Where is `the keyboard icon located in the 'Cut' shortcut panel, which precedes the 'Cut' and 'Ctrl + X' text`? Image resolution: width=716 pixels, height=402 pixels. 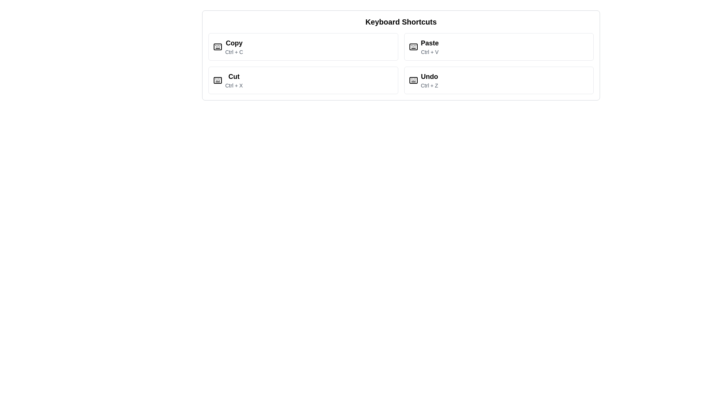 the keyboard icon located in the 'Cut' shortcut panel, which precedes the 'Cut' and 'Ctrl + X' text is located at coordinates (217, 80).